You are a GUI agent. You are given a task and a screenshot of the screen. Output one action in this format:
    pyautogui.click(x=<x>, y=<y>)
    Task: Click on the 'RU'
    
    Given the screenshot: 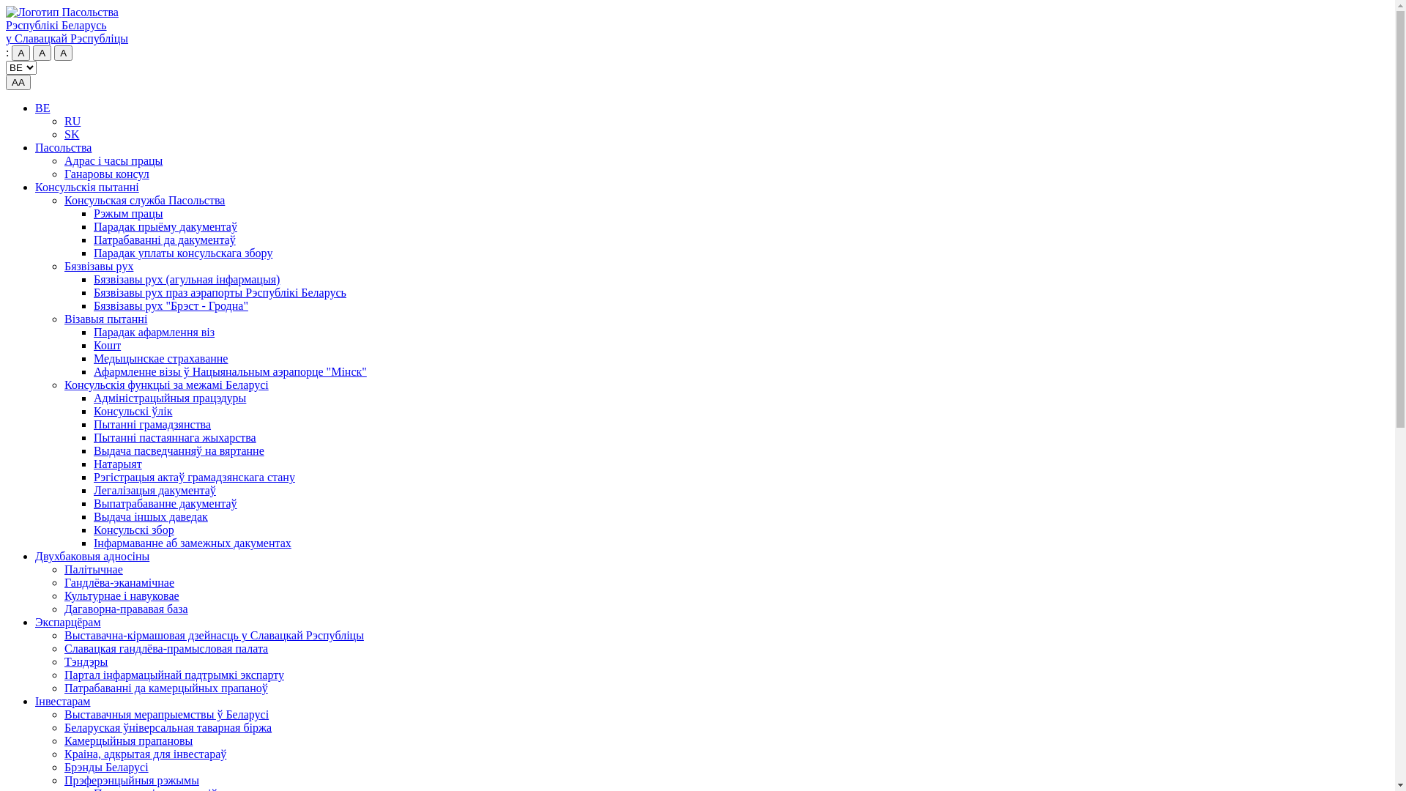 What is the action you would take?
    pyautogui.click(x=72, y=120)
    